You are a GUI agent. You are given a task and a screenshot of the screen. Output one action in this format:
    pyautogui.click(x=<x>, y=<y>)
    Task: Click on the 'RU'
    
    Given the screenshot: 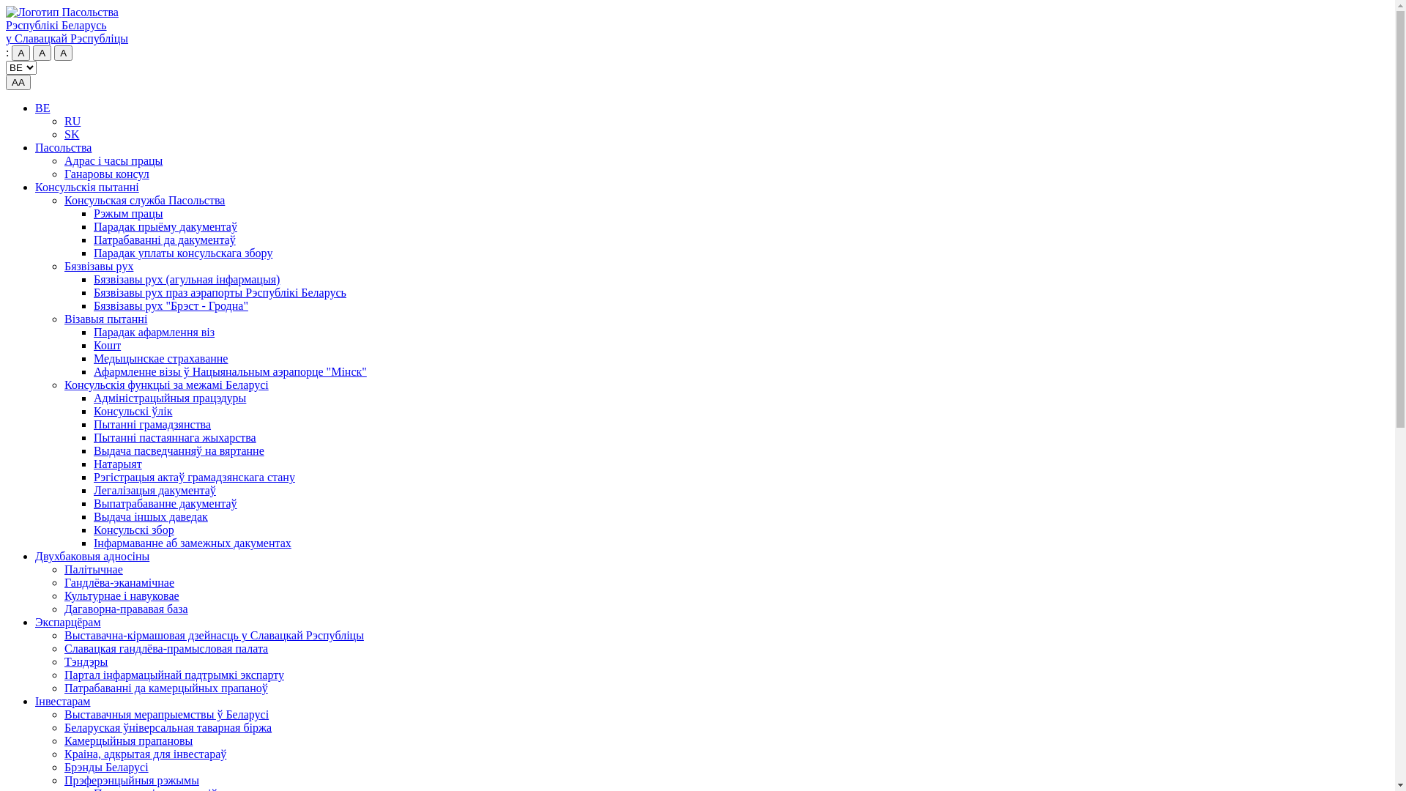 What is the action you would take?
    pyautogui.click(x=72, y=120)
    